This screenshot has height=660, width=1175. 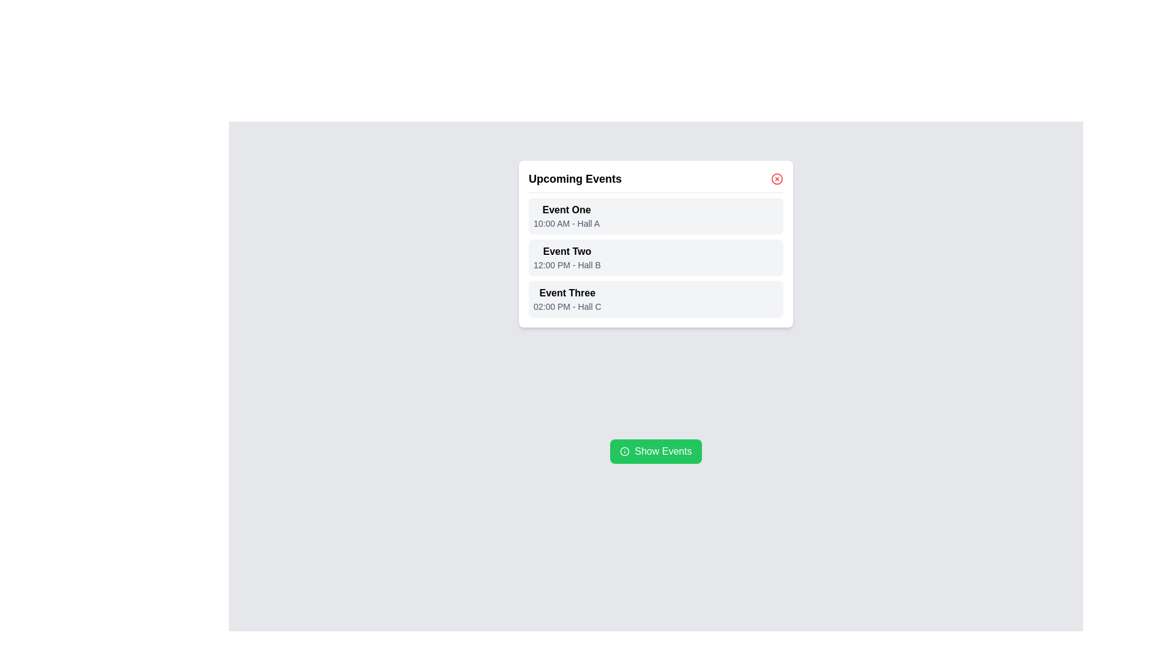 What do you see at coordinates (655, 216) in the screenshot?
I see `the first list item displaying event details titled 'Event One' in the 'Upcoming Events' section` at bounding box center [655, 216].